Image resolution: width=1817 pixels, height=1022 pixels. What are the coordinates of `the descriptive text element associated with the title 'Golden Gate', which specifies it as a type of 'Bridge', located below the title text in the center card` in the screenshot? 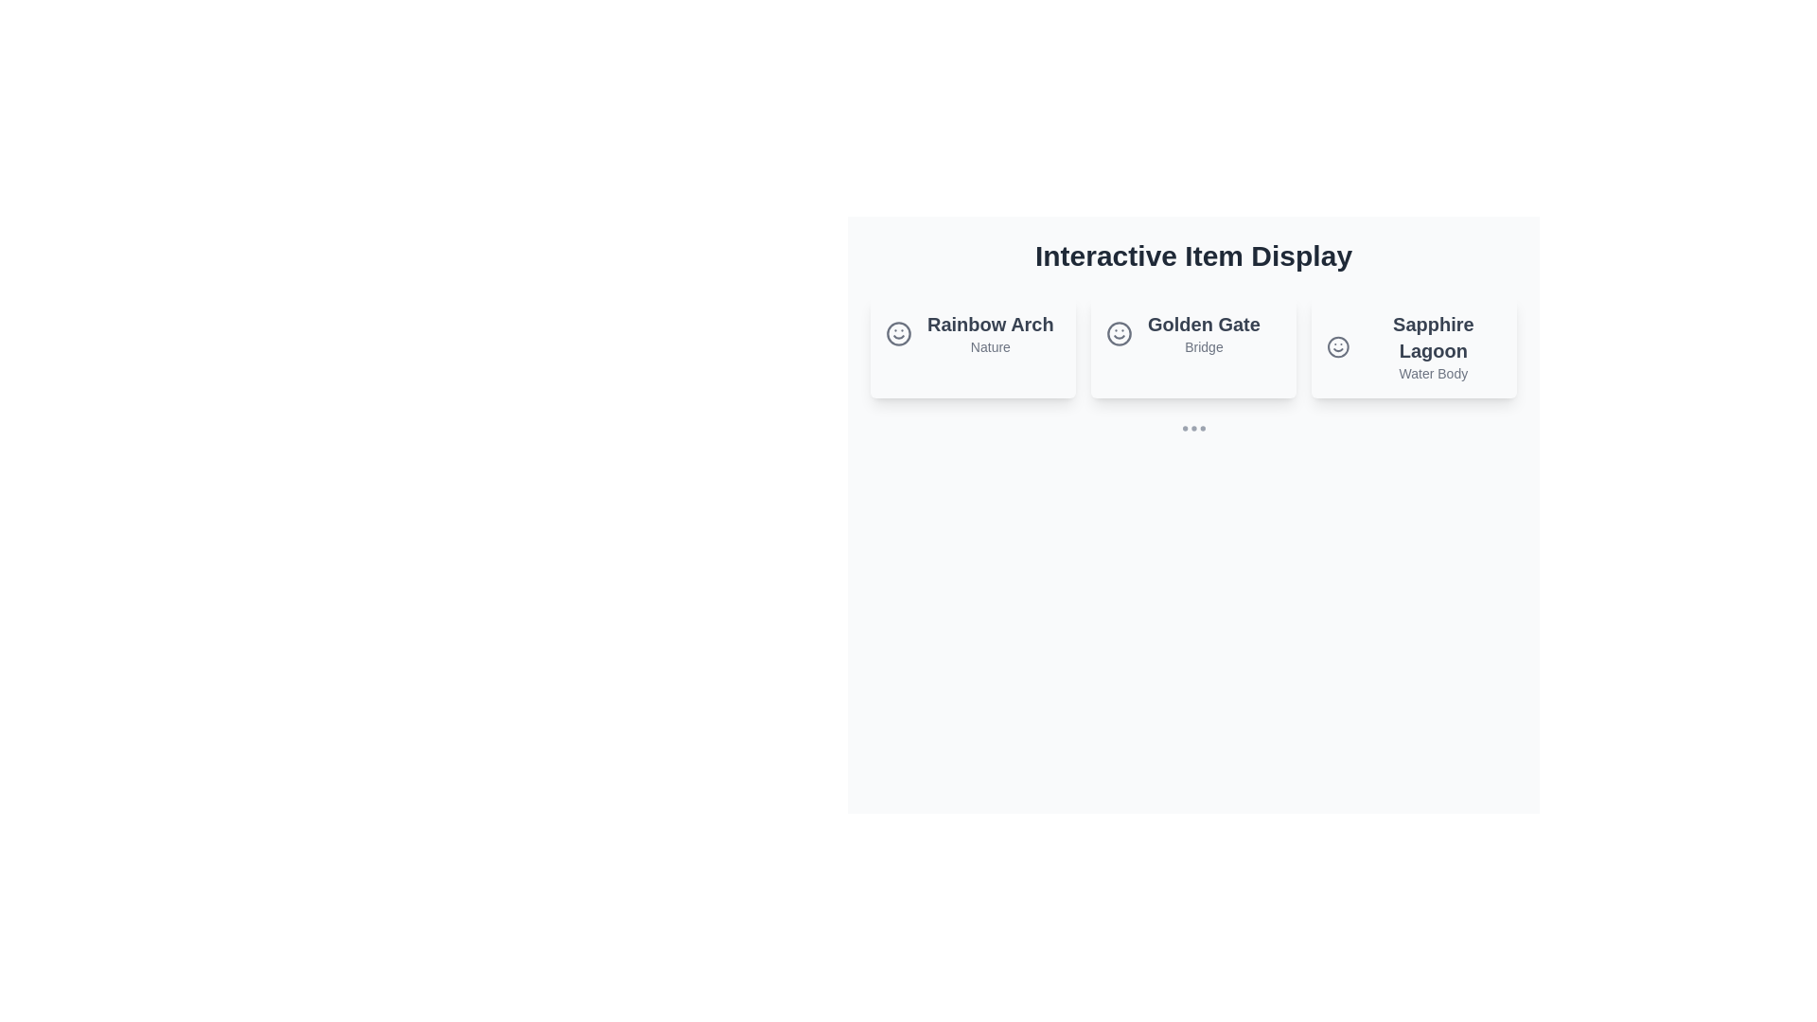 It's located at (1203, 346).